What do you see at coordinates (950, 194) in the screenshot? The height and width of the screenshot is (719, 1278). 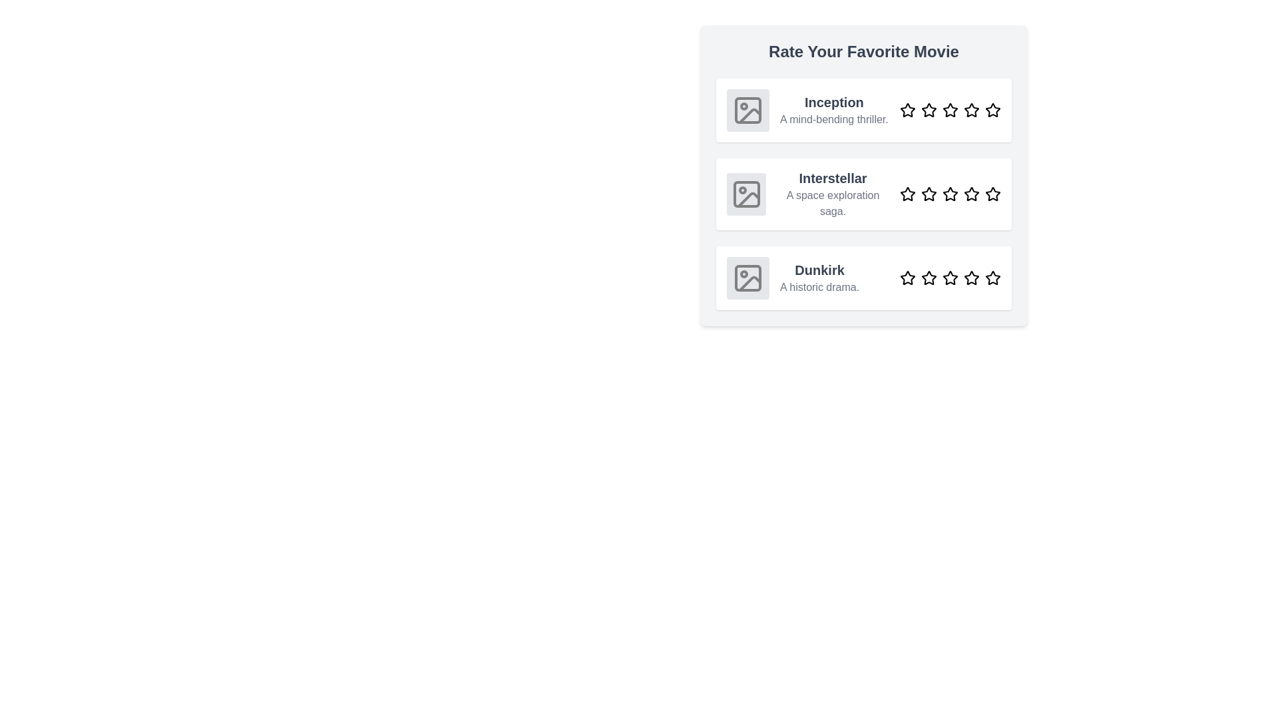 I see `the third star icon in the 'Interstellar' row of the star rating group` at bounding box center [950, 194].